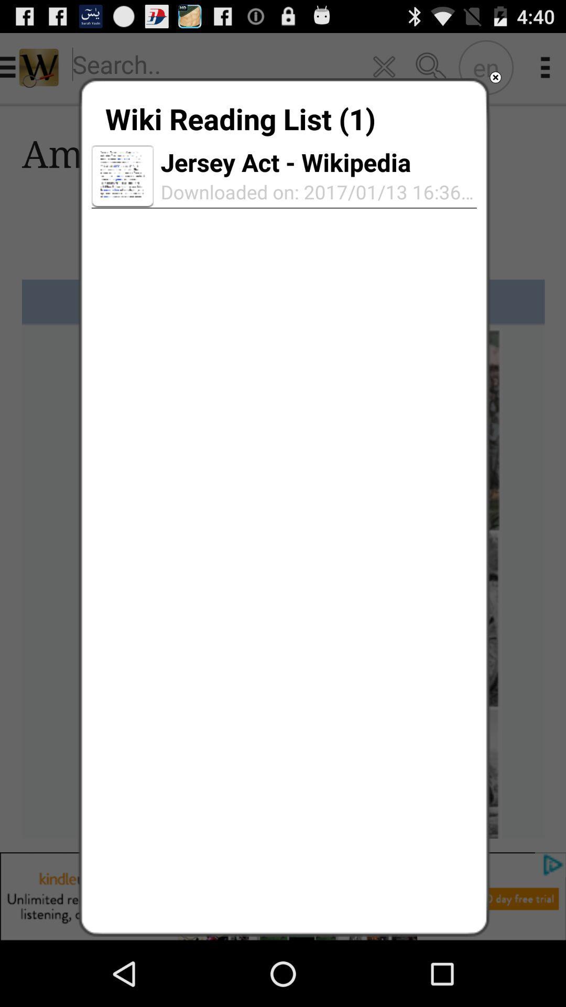  I want to click on icon to the left of the downloaded on 2017 icon, so click(122, 176).